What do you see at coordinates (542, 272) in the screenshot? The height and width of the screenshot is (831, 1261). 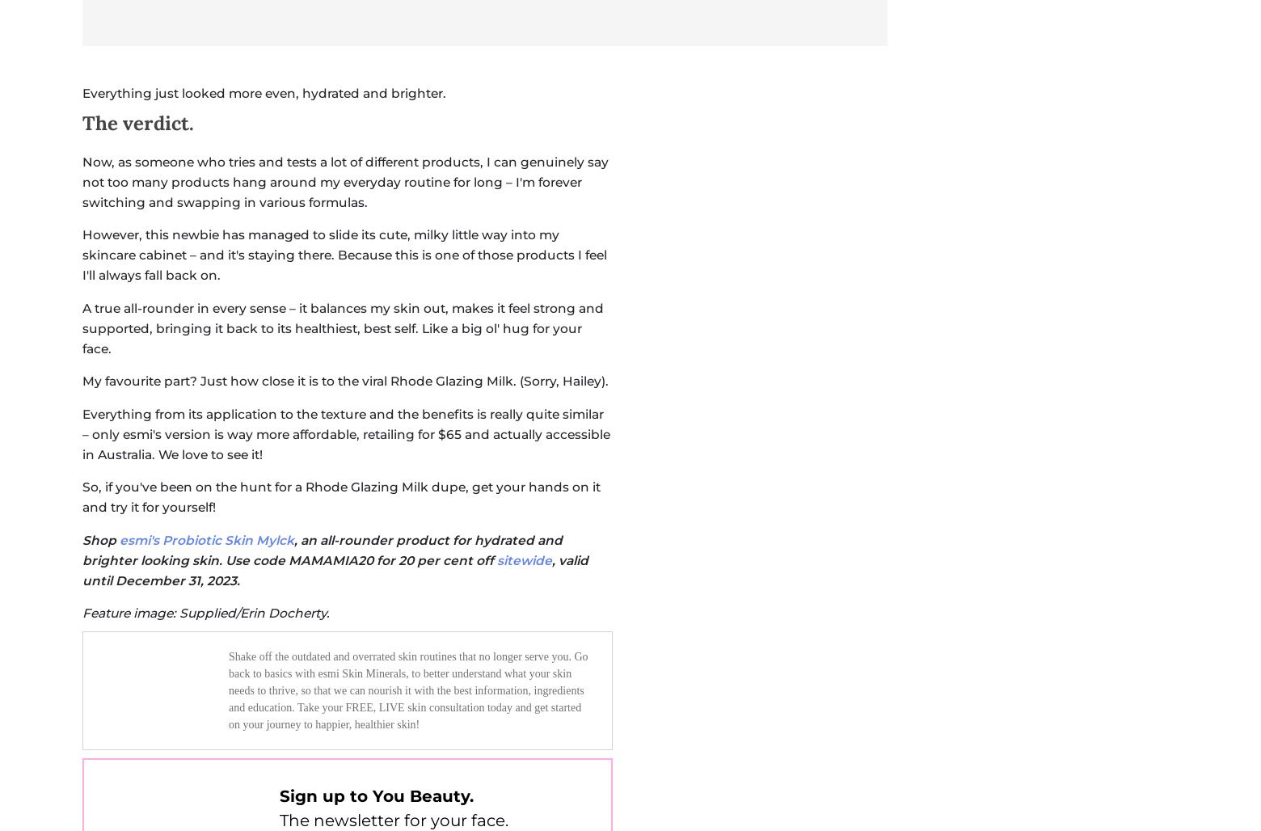 I see `'Beauty'` at bounding box center [542, 272].